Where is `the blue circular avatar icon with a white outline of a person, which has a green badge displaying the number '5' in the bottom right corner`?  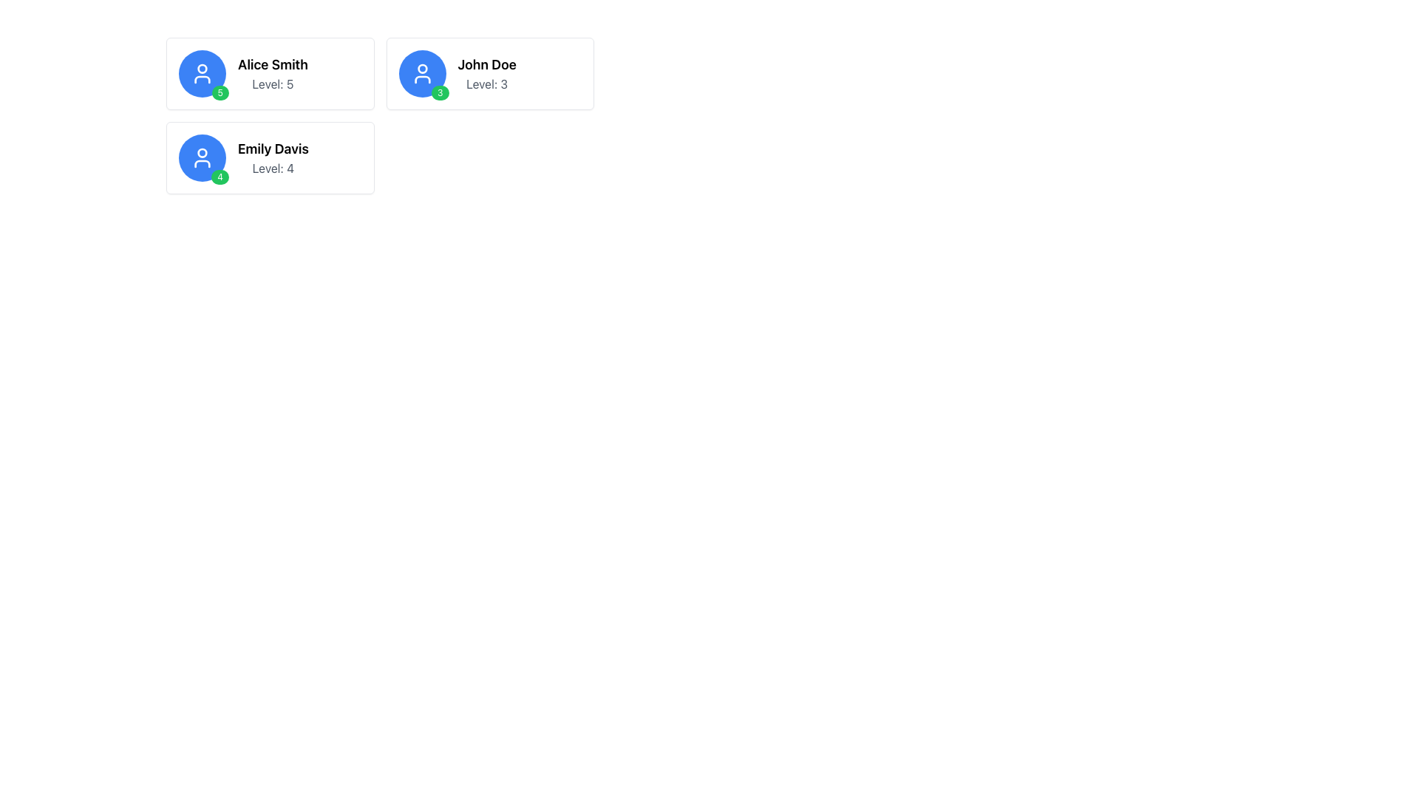
the blue circular avatar icon with a white outline of a person, which has a green badge displaying the number '5' in the bottom right corner is located at coordinates (201, 74).